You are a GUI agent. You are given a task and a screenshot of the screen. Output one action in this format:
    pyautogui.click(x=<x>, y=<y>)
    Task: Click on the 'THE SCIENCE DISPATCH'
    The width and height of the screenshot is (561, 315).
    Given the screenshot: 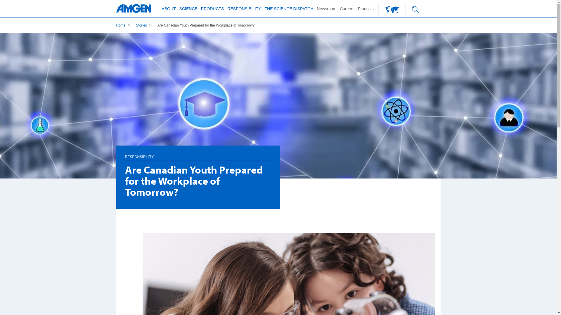 What is the action you would take?
    pyautogui.click(x=263, y=9)
    